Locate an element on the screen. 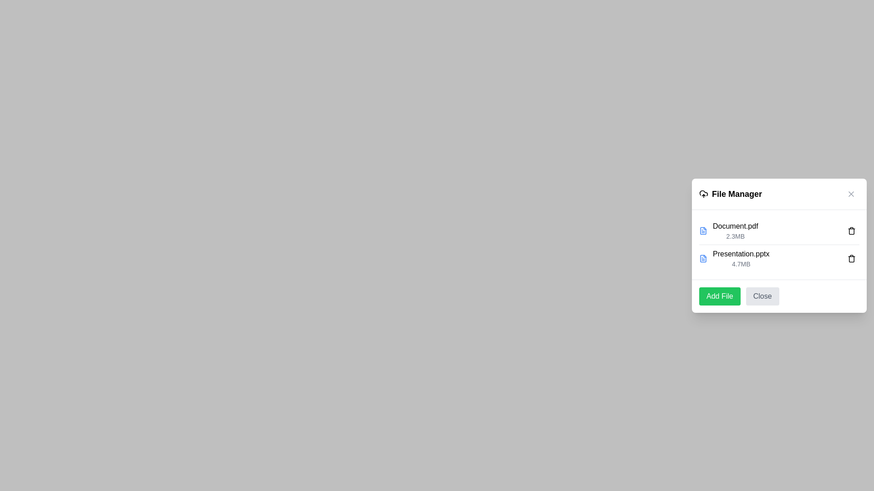 The width and height of the screenshot is (874, 491). the icon associated with the 'Presentation.pptx' file entry in the 'File Manager' popup, which is located at the top-left corner of its row is located at coordinates (703, 258).